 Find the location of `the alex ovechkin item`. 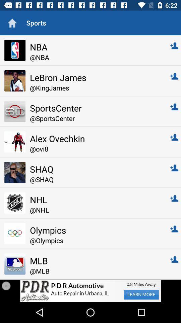

the alex ovechkin item is located at coordinates (95, 138).